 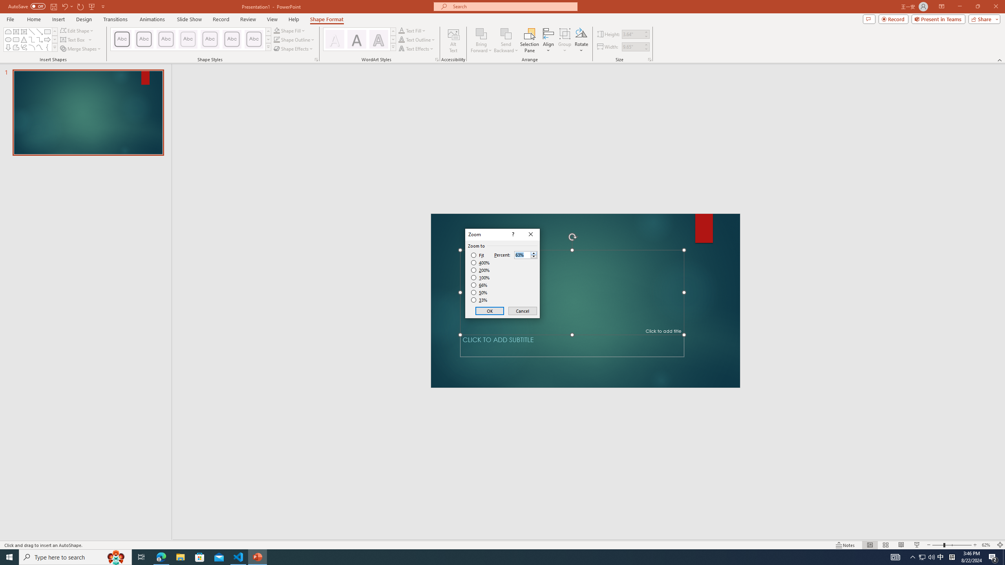 What do you see at coordinates (480, 263) in the screenshot?
I see `'400%'` at bounding box center [480, 263].